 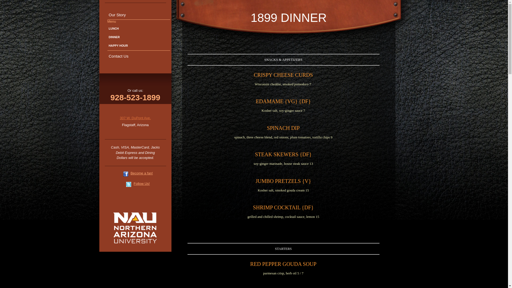 I want to click on 'Contact Us', so click(x=138, y=56).